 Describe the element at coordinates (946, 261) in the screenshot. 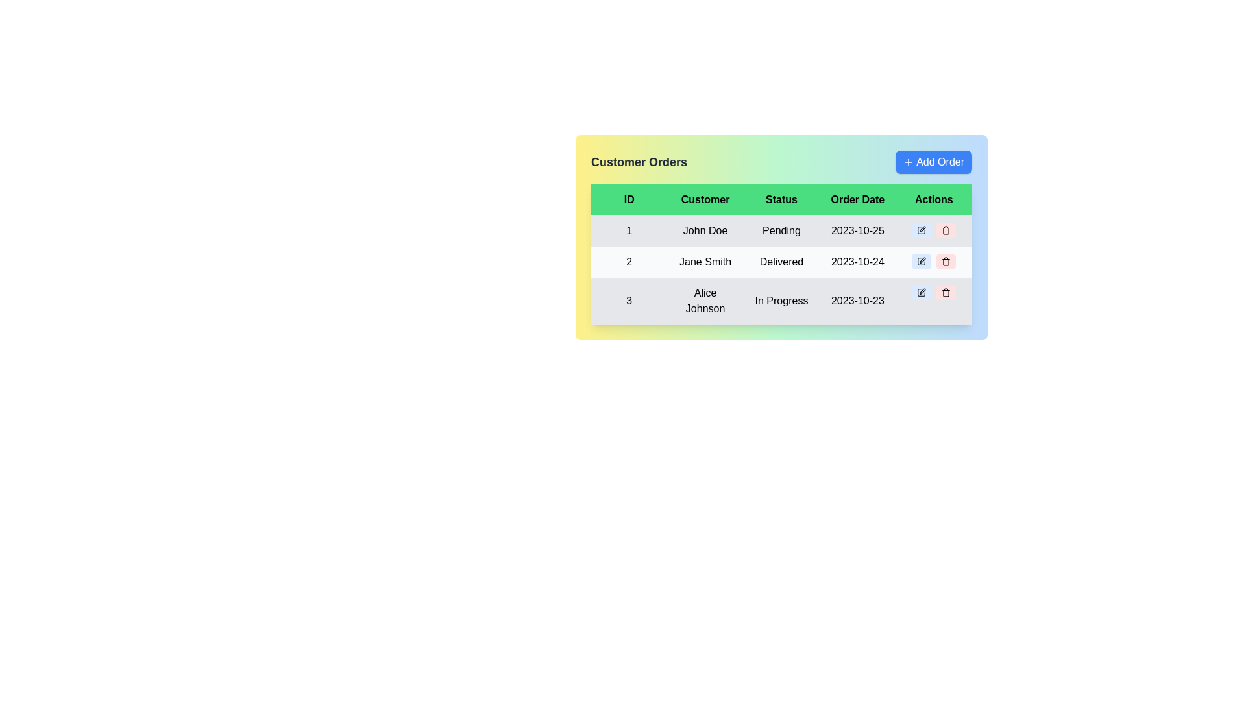

I see `the Trash Can icon located in the 'Actions' column of the second row in the 'Customer Orders' table` at that location.